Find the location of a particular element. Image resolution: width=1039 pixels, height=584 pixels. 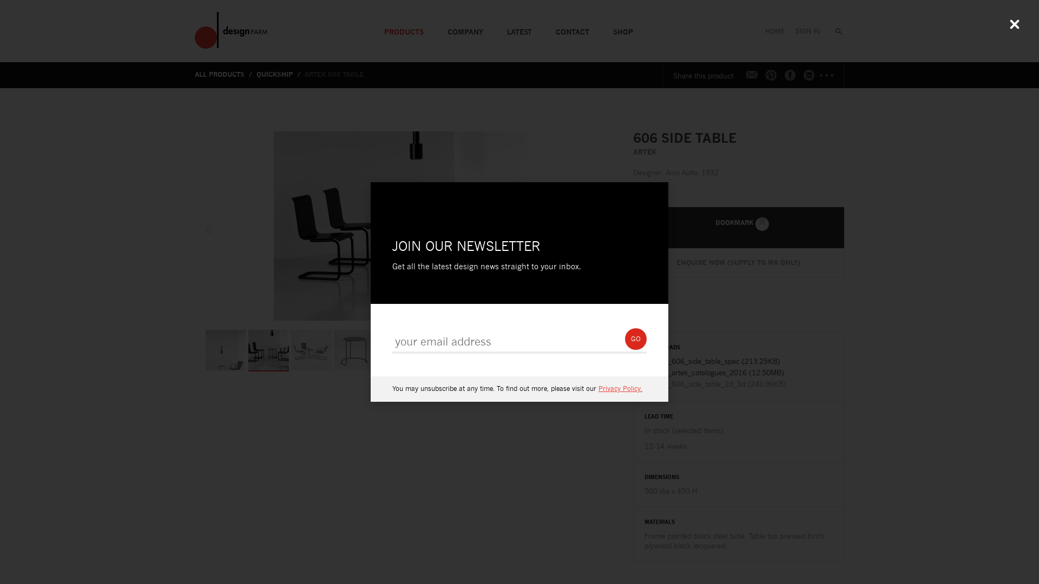

'Close' is located at coordinates (1014, 24).